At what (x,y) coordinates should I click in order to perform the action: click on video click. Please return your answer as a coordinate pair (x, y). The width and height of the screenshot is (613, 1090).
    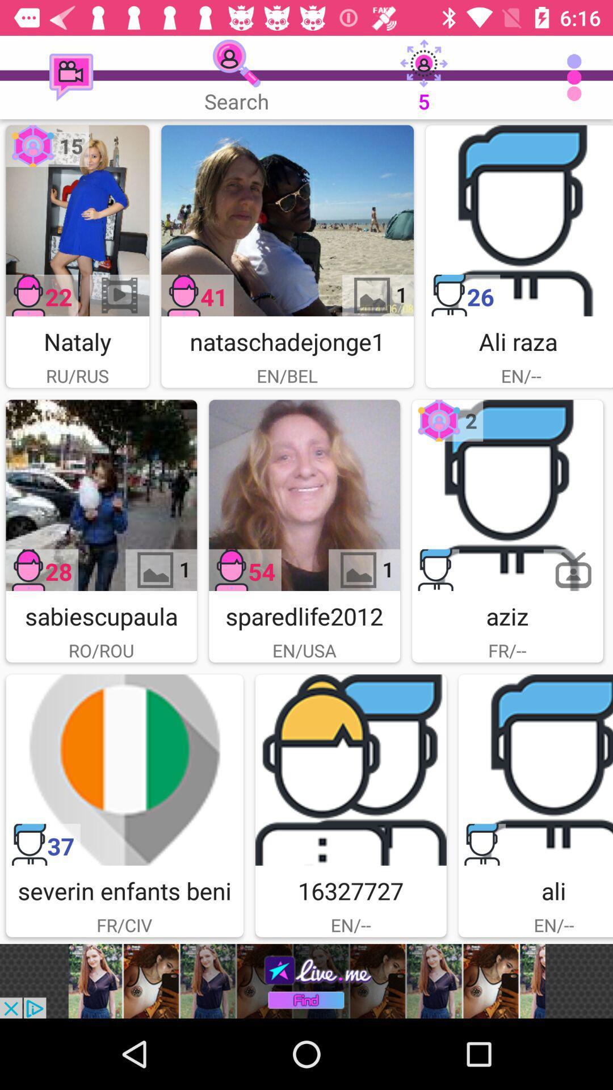
    Looking at the image, I should click on (100, 495).